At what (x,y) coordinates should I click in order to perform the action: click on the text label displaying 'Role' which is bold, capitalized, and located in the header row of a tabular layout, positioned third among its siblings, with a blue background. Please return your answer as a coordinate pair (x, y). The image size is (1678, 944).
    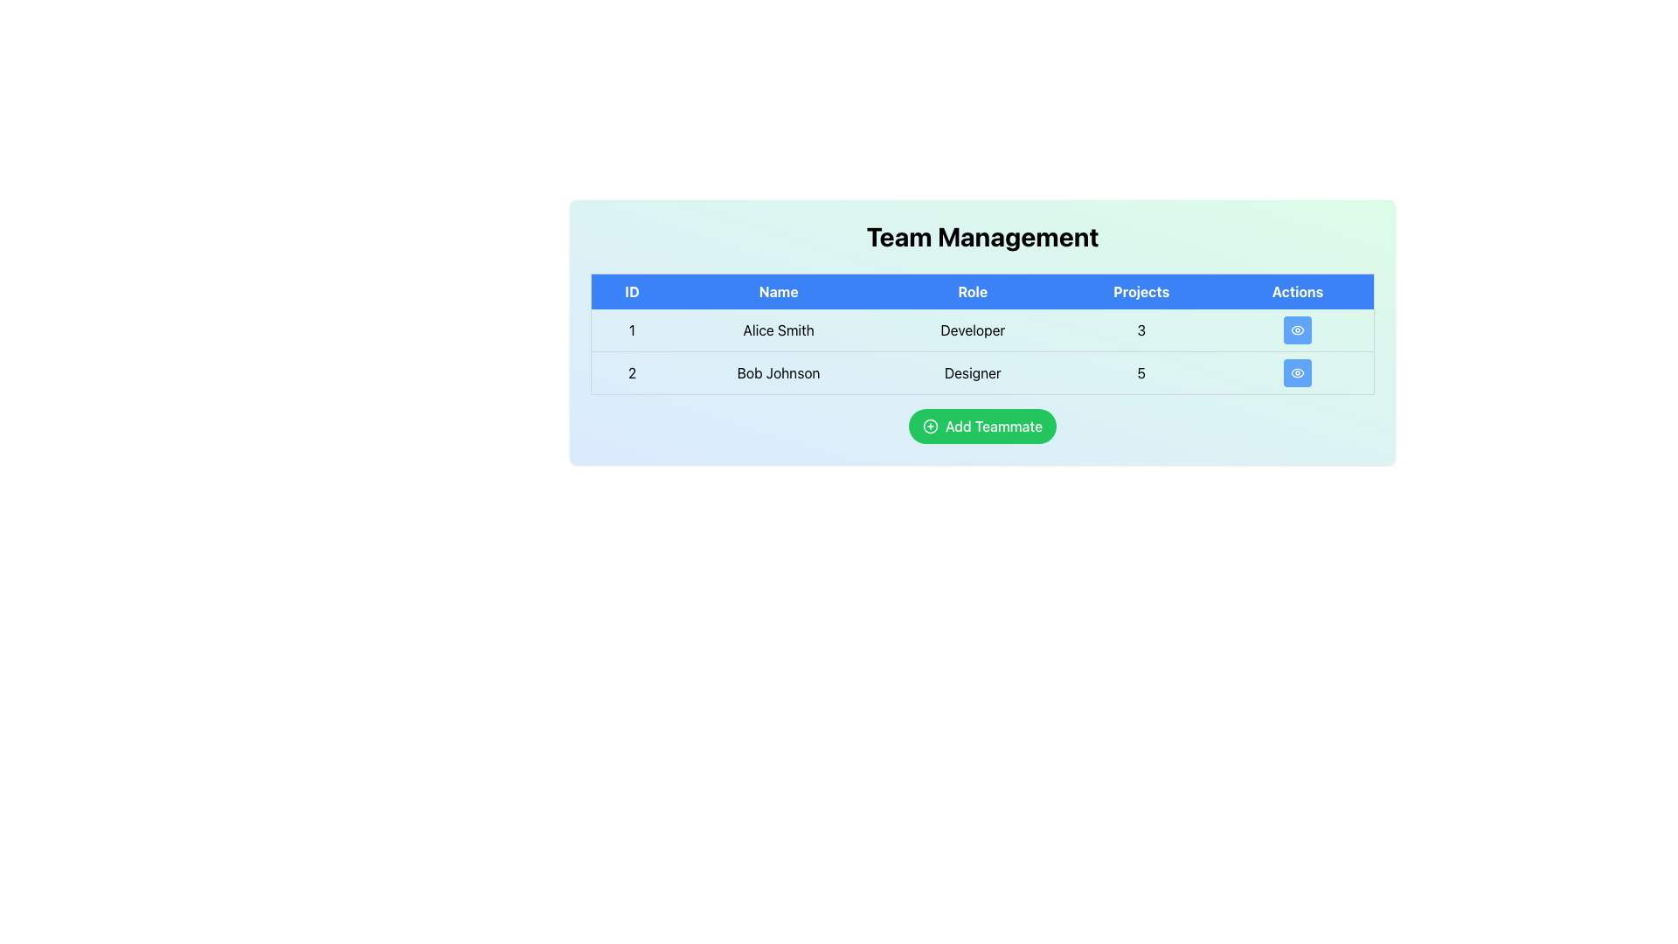
    Looking at the image, I should click on (972, 290).